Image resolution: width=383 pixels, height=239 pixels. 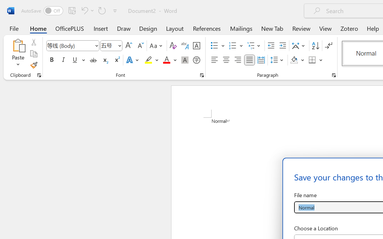 I want to click on 'New Tab', so click(x=272, y=28).